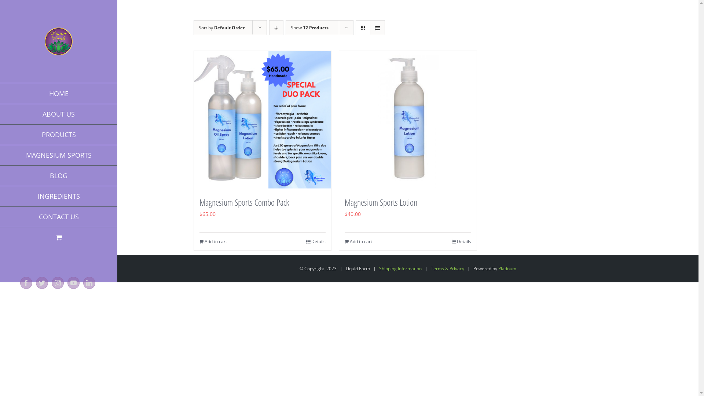  I want to click on 'Platinum', so click(507, 268).